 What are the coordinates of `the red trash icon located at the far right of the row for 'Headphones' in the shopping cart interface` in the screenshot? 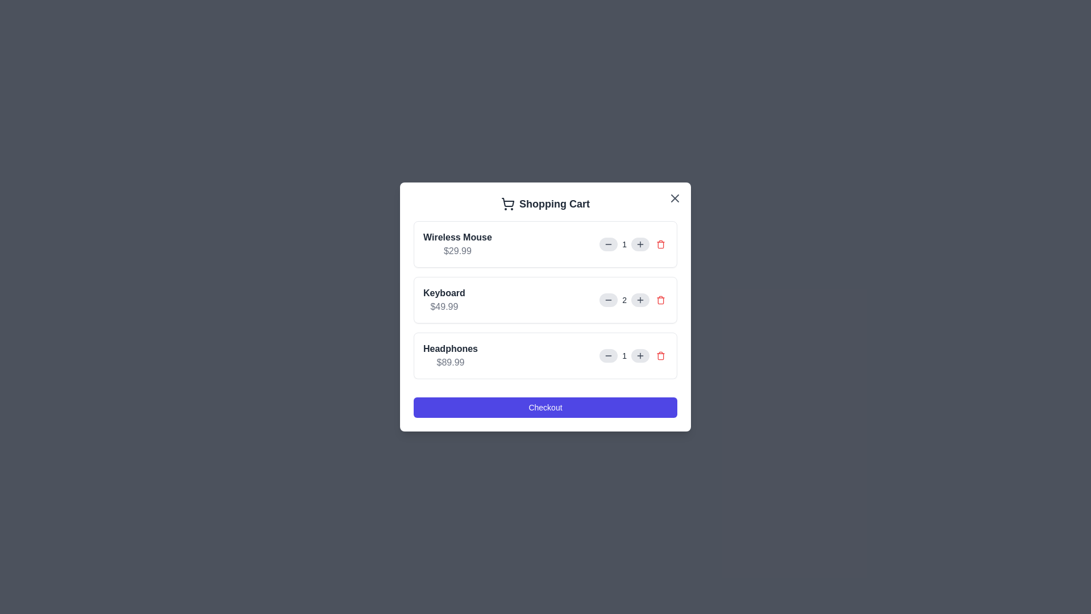 It's located at (660, 355).